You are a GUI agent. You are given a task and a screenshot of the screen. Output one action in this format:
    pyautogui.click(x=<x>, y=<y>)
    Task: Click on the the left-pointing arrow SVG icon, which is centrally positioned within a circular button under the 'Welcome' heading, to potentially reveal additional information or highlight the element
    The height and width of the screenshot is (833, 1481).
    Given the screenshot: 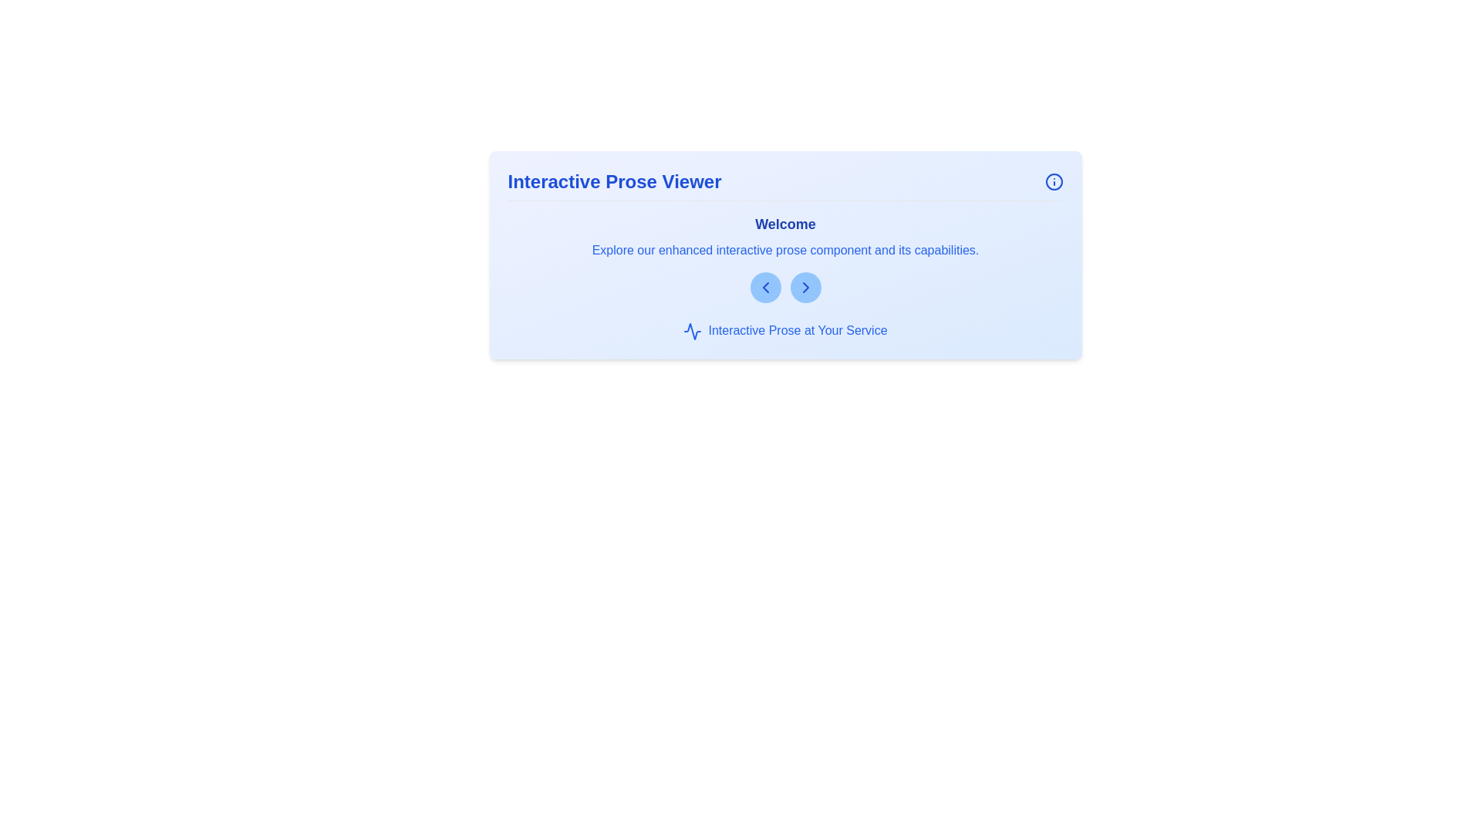 What is the action you would take?
    pyautogui.click(x=765, y=288)
    